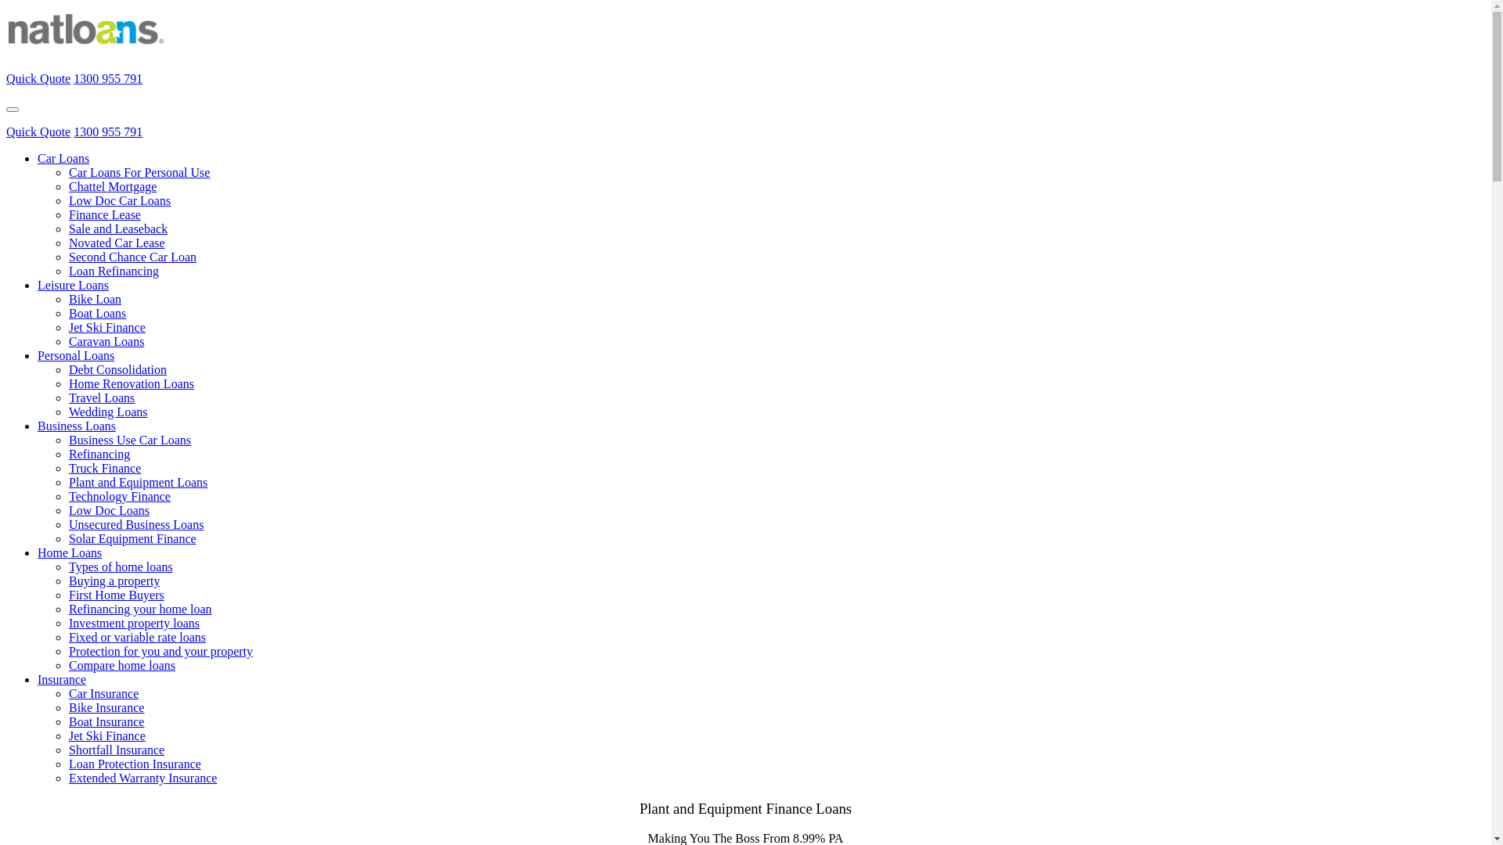 The image size is (1503, 845). What do you see at coordinates (73, 131) in the screenshot?
I see `'1300 955 791'` at bounding box center [73, 131].